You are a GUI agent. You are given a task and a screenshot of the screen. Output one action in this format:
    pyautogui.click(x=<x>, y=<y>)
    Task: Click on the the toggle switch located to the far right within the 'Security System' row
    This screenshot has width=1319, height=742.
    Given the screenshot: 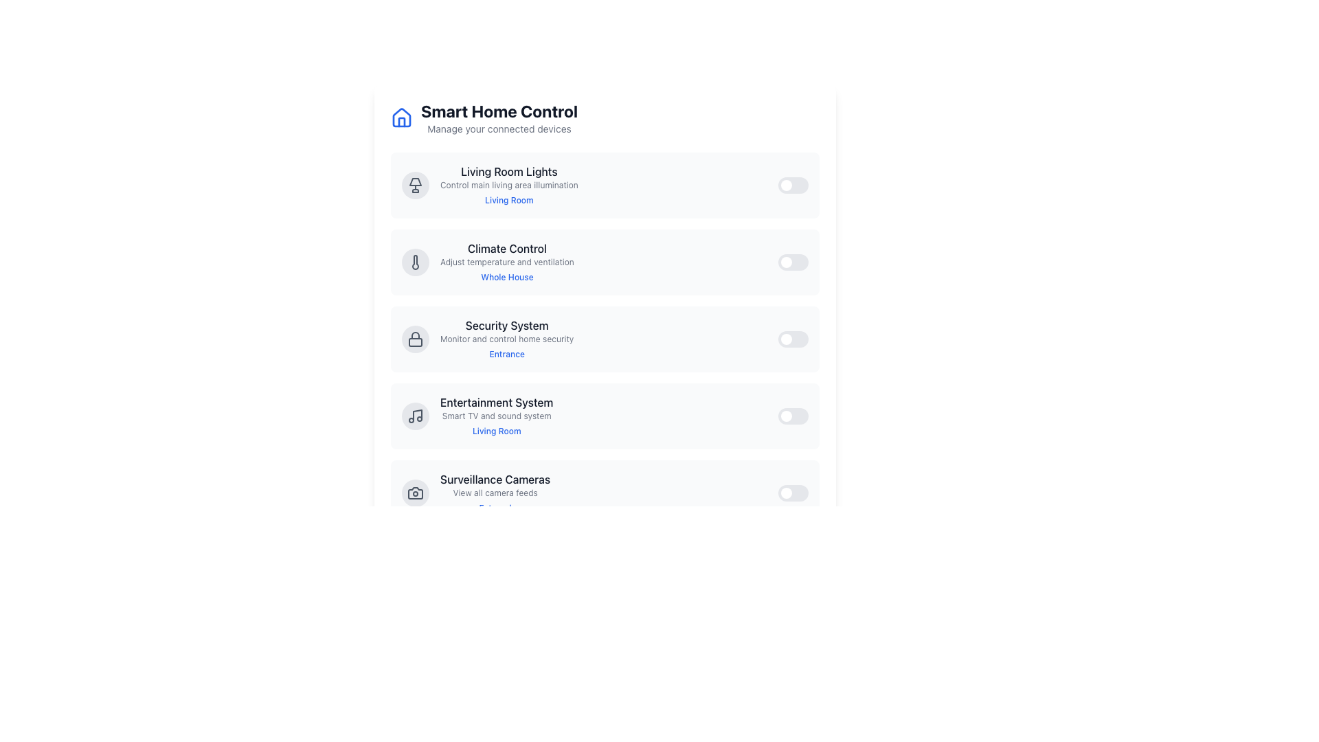 What is the action you would take?
    pyautogui.click(x=793, y=339)
    